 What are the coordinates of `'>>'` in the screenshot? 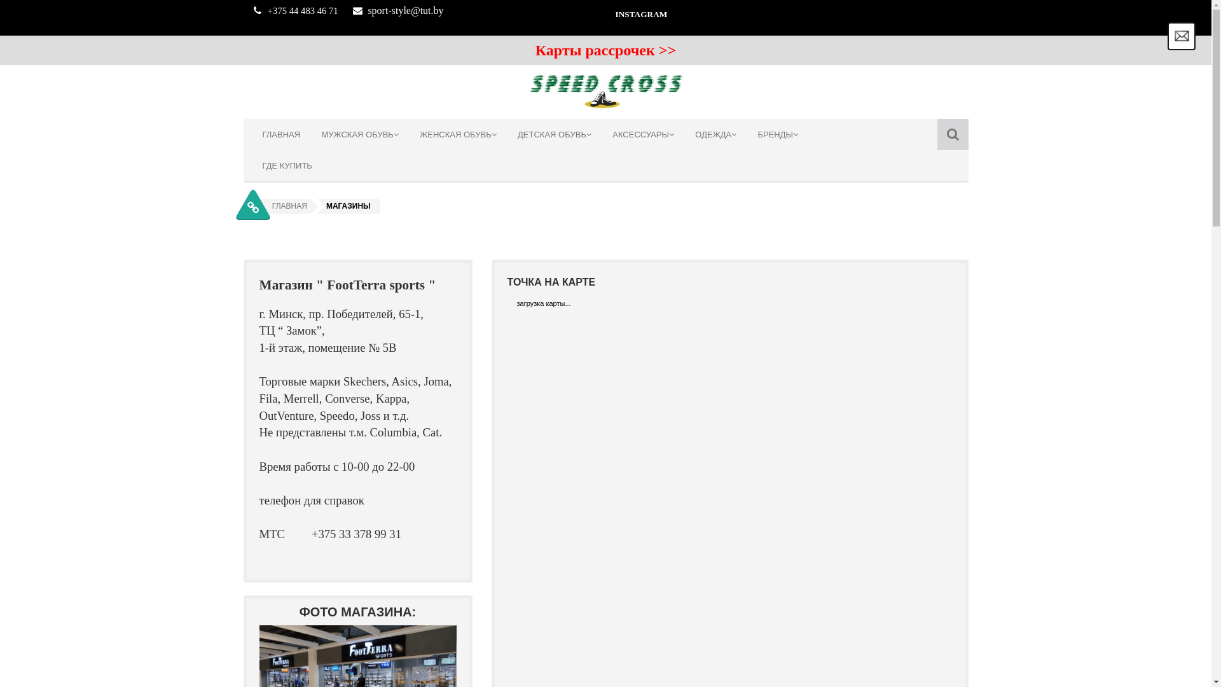 It's located at (659, 51).